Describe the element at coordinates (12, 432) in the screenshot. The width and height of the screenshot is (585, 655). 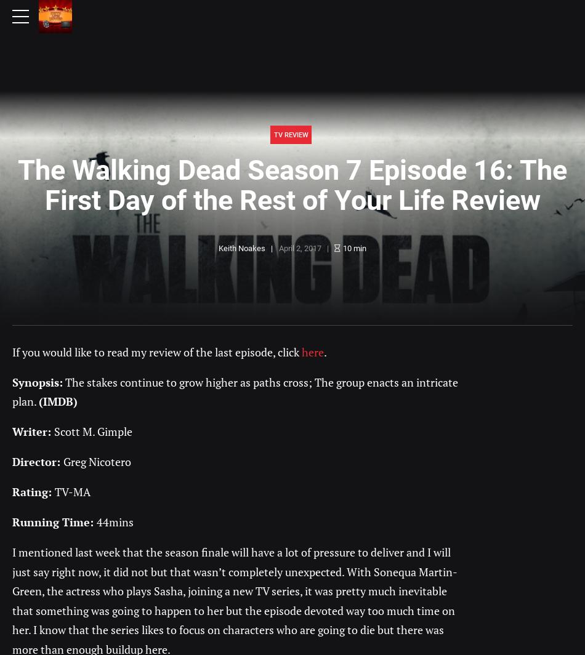
I see `'Writer:'` at that location.